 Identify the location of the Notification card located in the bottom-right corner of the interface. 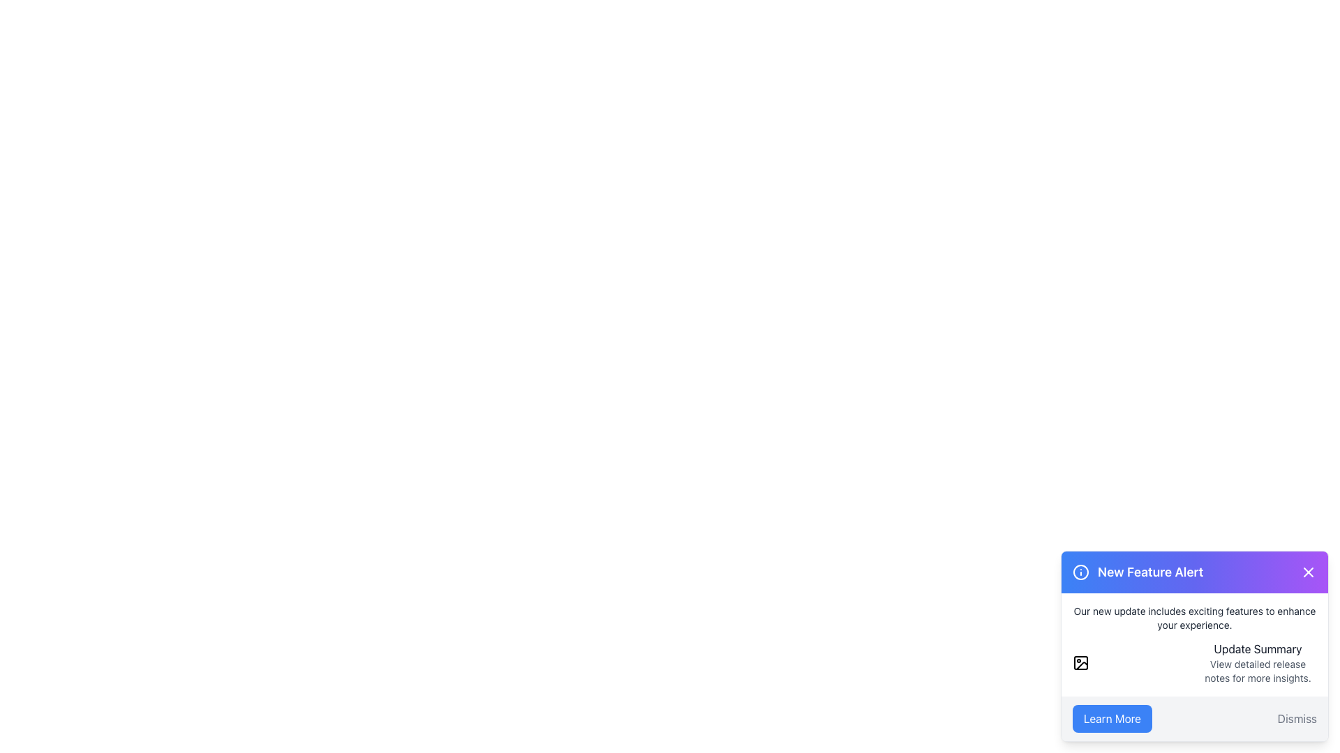
(1194, 646).